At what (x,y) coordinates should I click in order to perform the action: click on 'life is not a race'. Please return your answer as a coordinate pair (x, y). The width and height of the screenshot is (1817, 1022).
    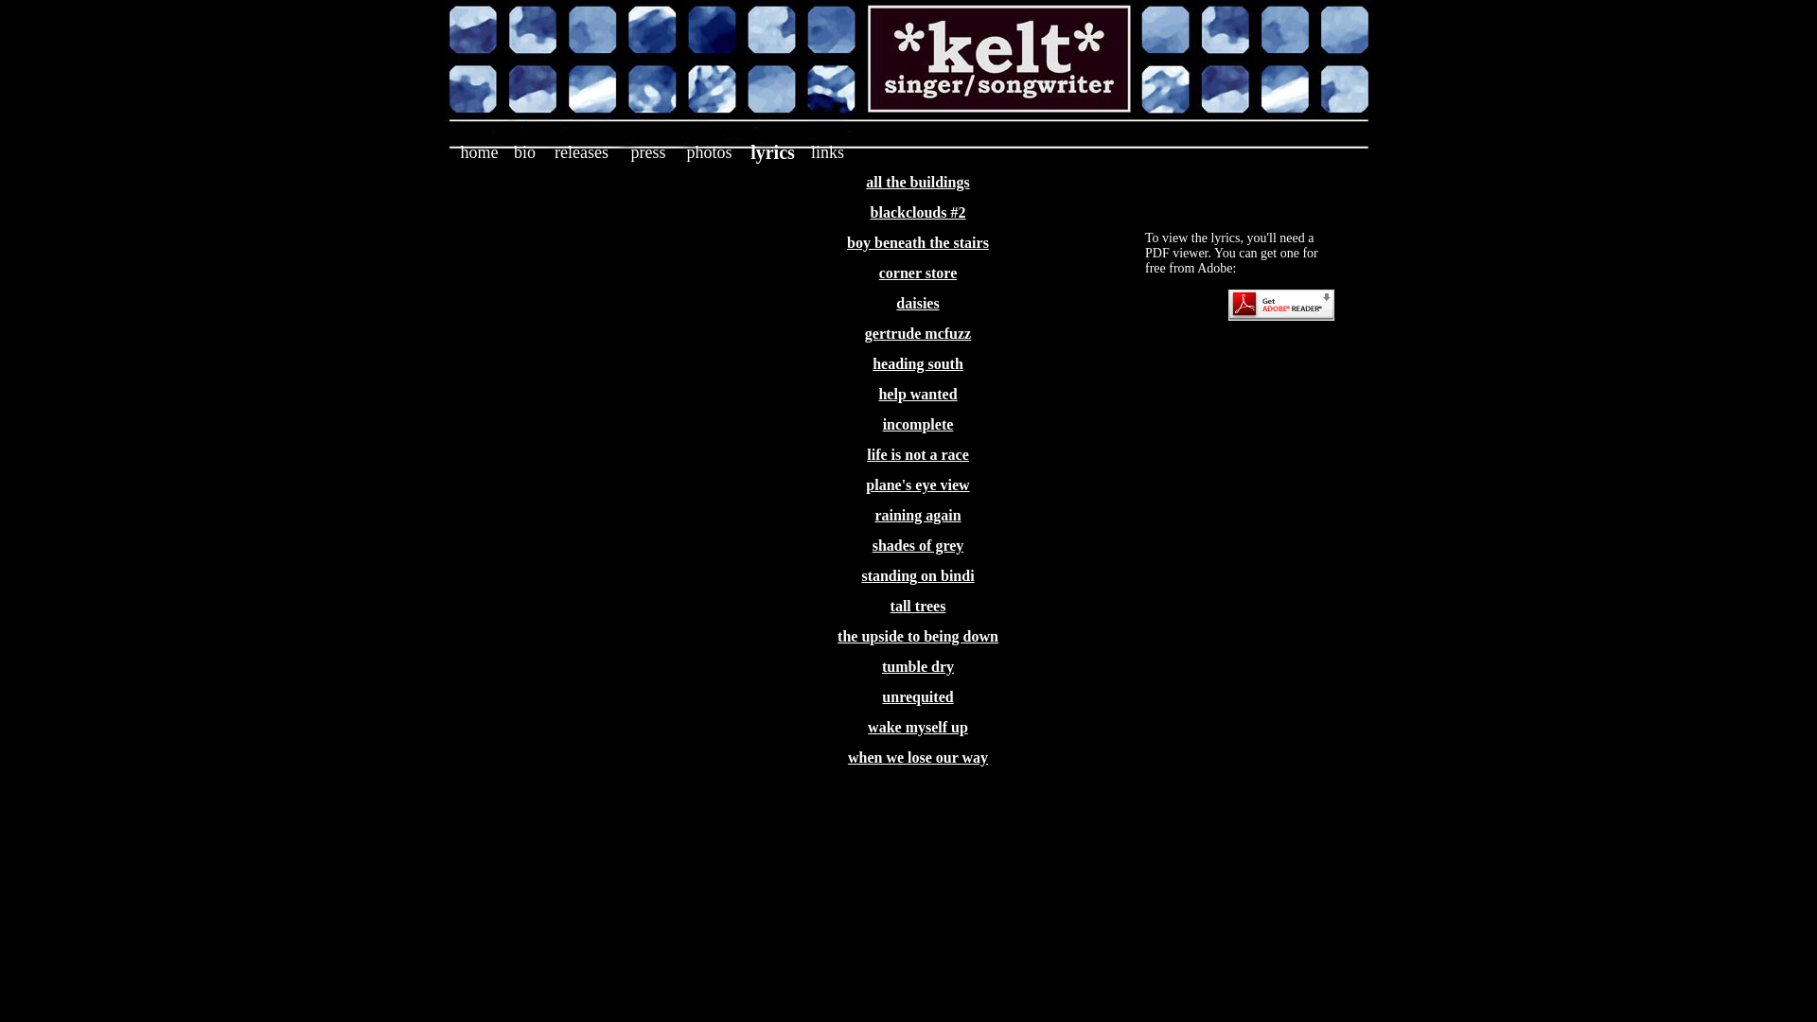
    Looking at the image, I should click on (917, 454).